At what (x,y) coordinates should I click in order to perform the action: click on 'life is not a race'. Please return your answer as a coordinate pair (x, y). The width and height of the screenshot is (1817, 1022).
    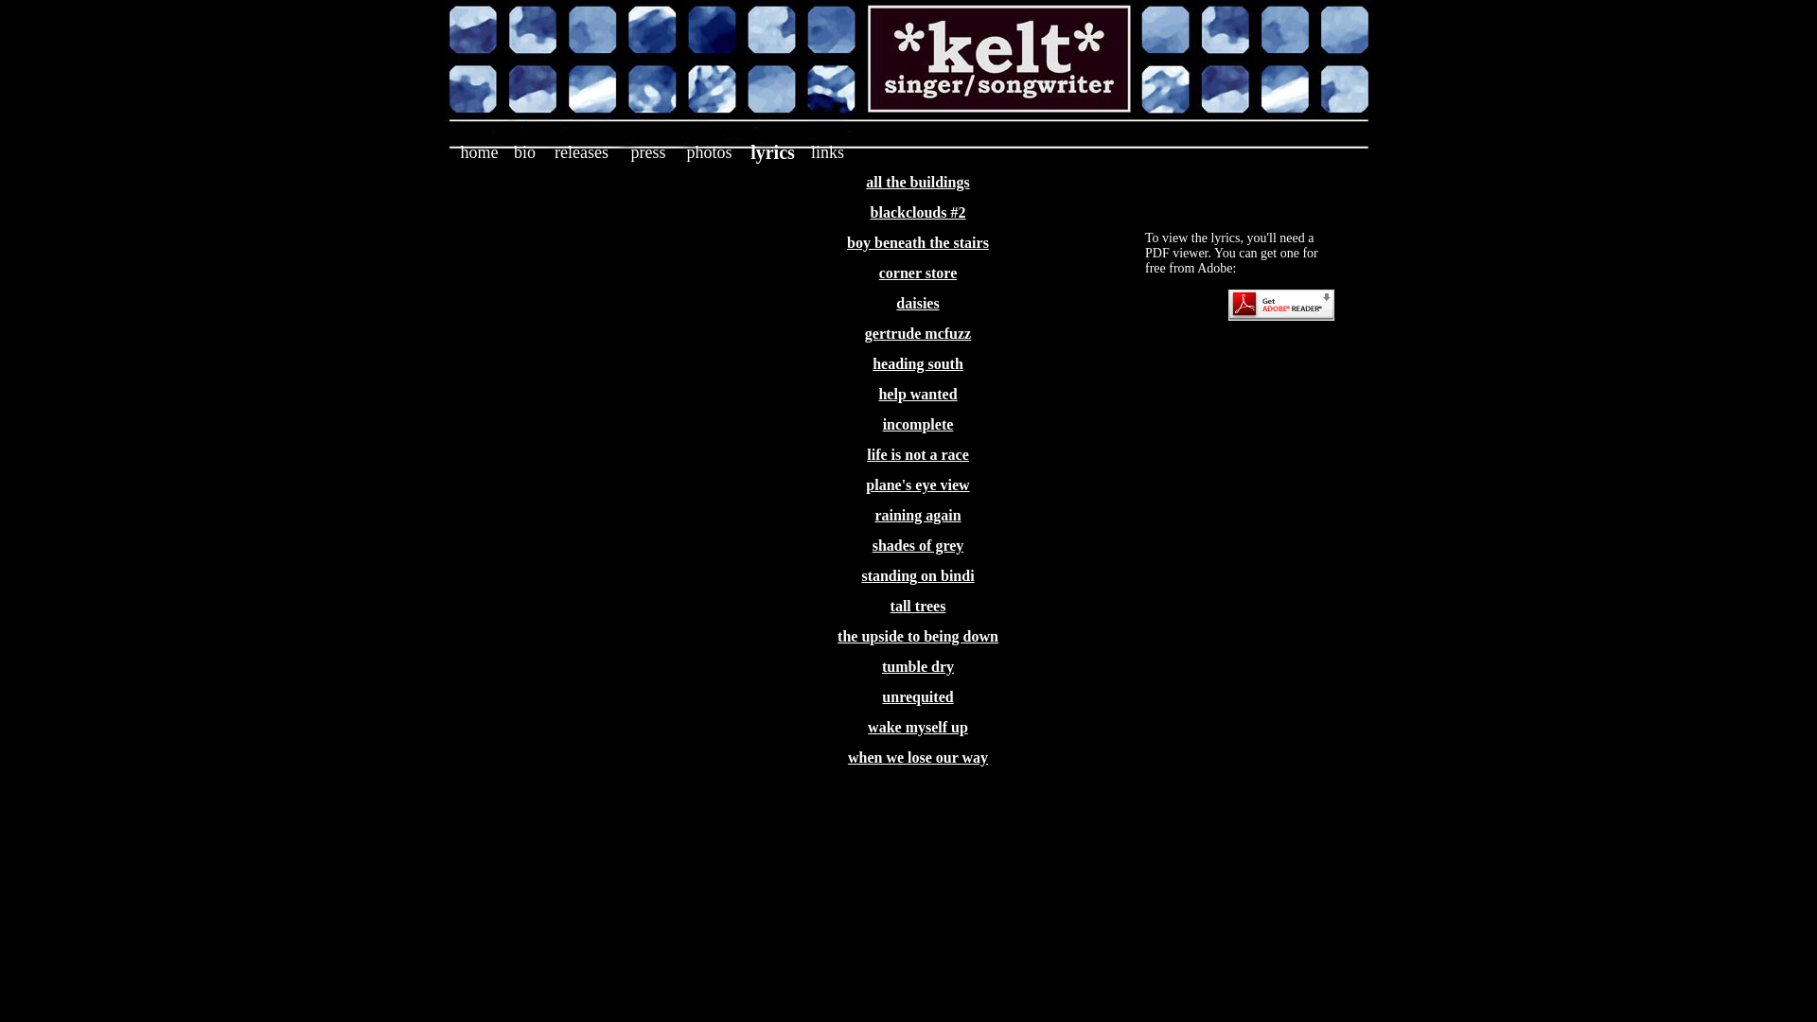
    Looking at the image, I should click on (917, 454).